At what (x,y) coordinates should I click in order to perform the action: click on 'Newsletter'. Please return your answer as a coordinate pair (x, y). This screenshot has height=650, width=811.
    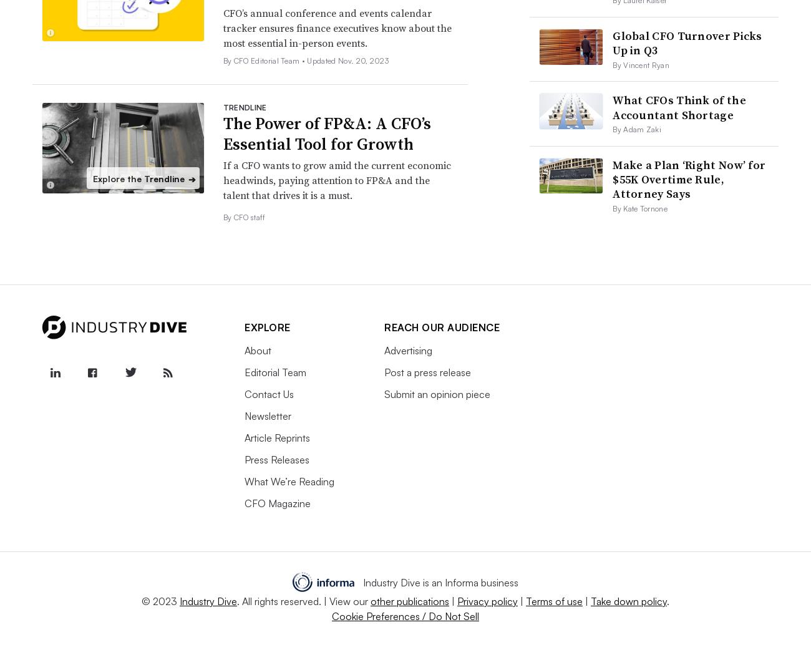
    Looking at the image, I should click on (268, 415).